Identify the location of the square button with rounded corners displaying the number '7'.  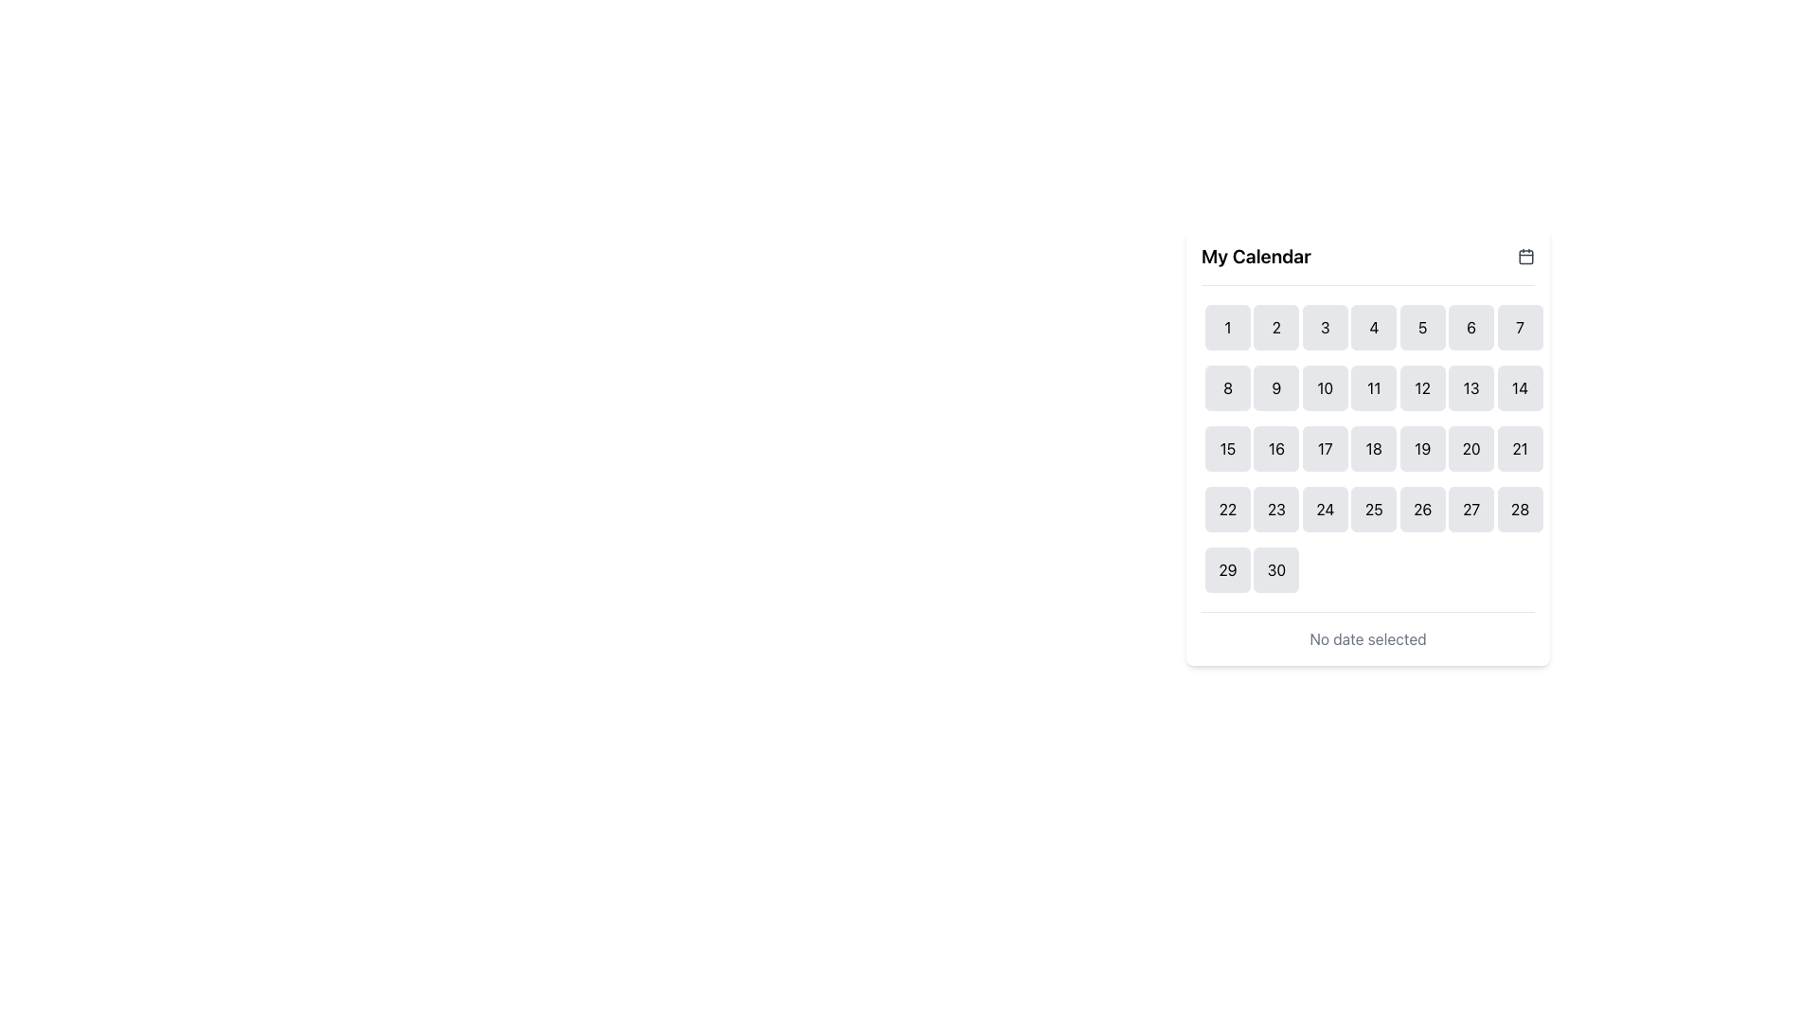
(1520, 327).